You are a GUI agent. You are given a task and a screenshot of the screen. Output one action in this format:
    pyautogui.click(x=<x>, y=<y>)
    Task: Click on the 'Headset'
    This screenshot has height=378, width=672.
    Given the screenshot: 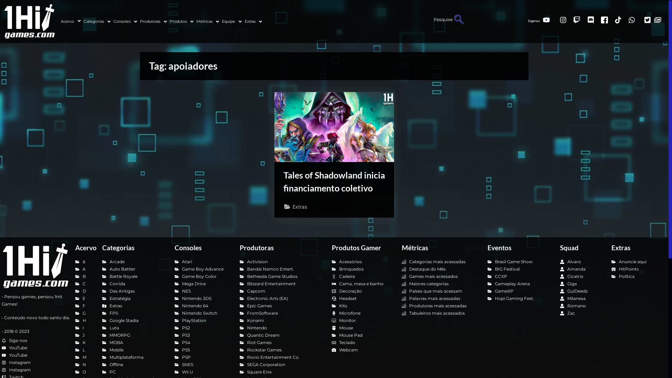 What is the action you would take?
    pyautogui.click(x=363, y=298)
    